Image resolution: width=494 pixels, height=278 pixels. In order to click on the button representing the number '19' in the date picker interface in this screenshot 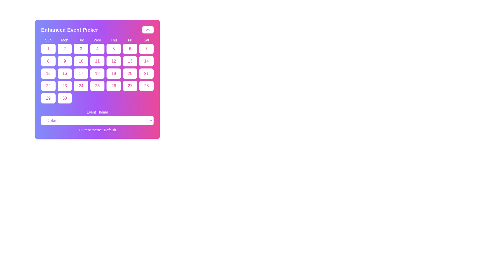, I will do `click(113, 73)`.